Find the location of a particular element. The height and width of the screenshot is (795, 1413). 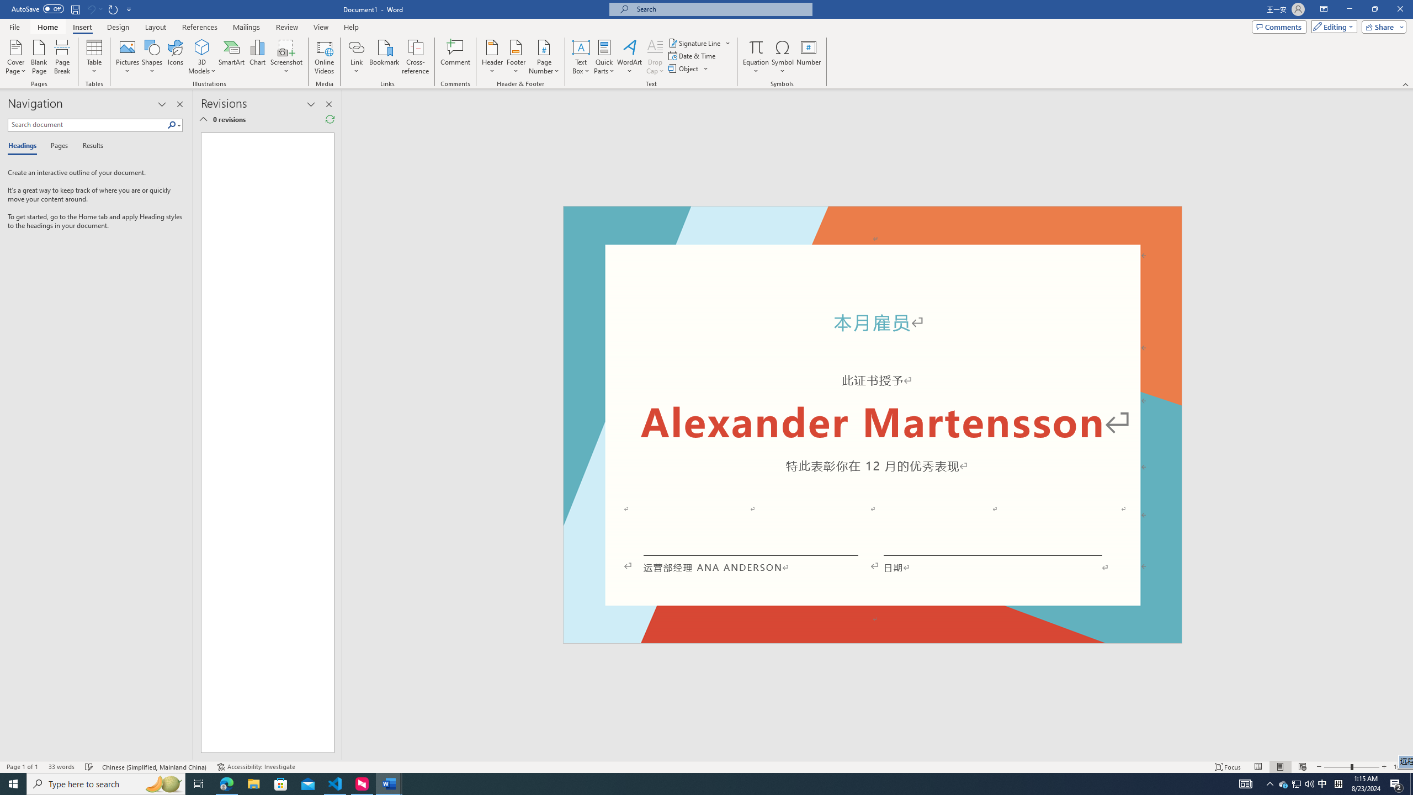

'Header' is located at coordinates (492, 57).